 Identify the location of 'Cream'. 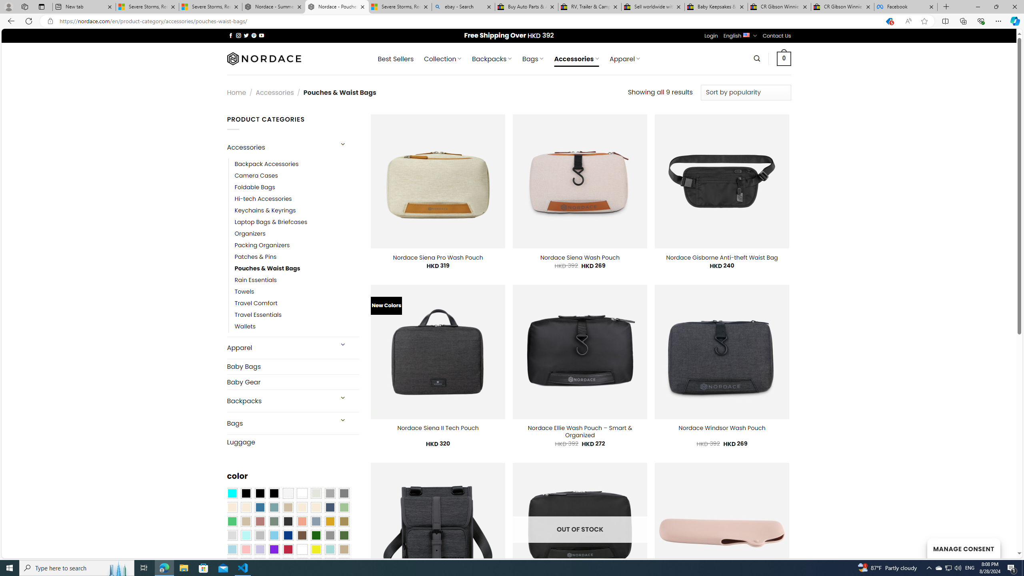
(316, 507).